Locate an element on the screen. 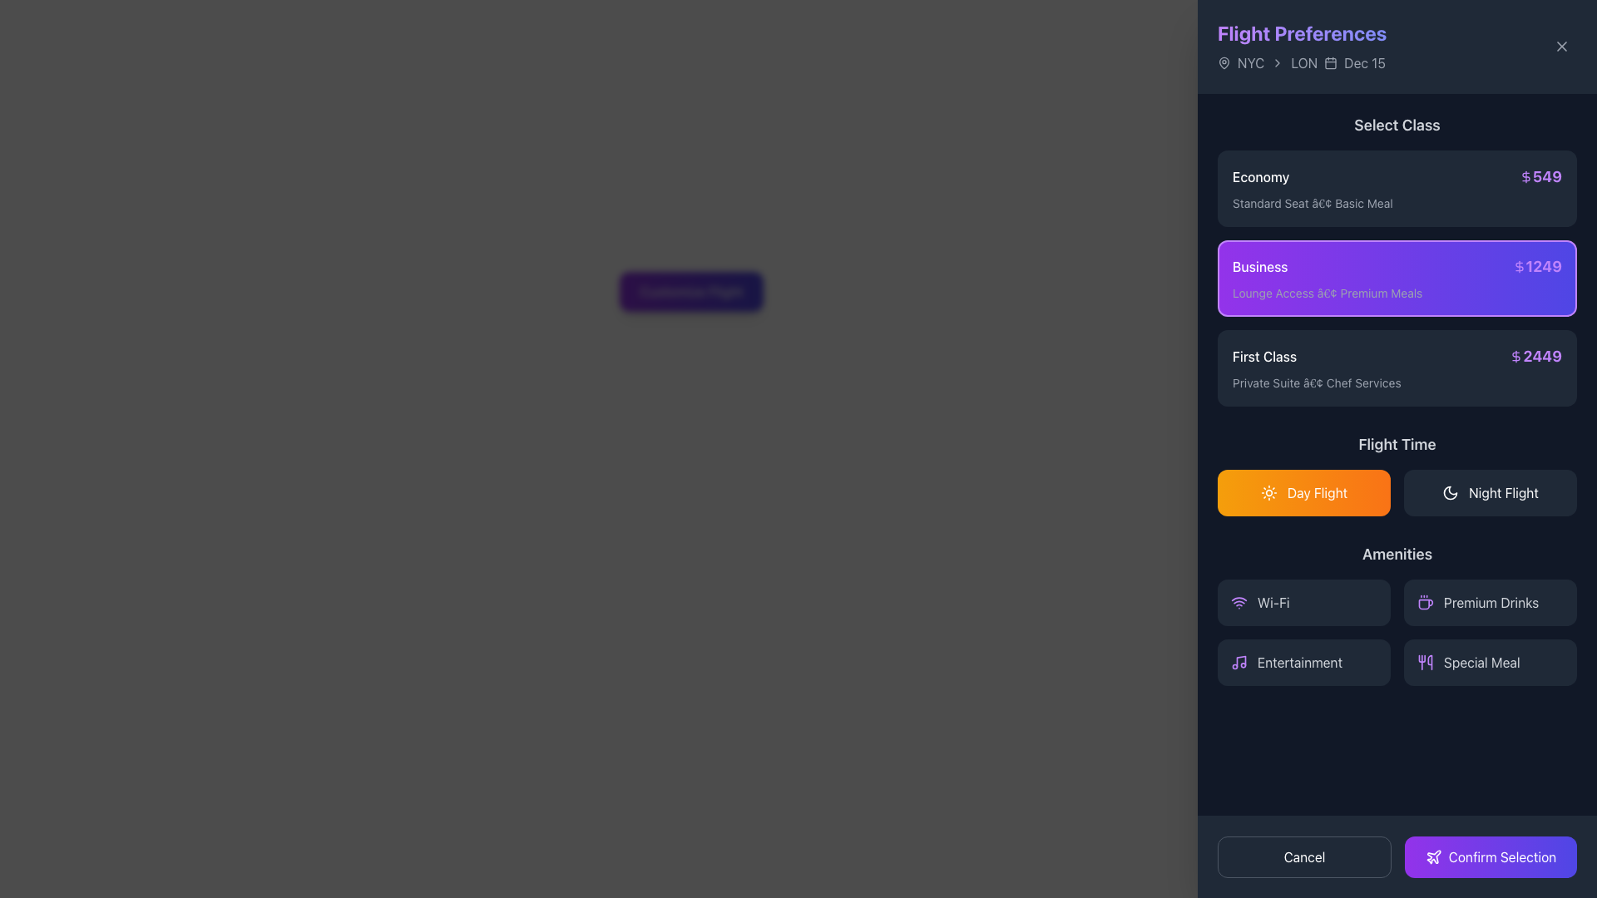  text of the 'Premium Drinks' label, which is styled in light gray against a dark background and positioned in the bottom-right quadrant of the 'Amenities' section is located at coordinates (1491, 603).